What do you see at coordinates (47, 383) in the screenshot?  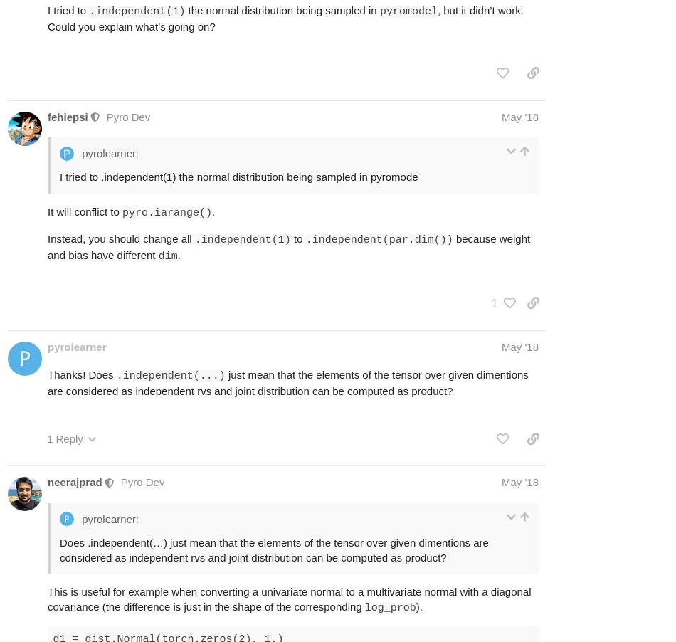 I see `'just mean that the elements of the tensor over given dimentions are considered as independent rvs and joint distribution can be computed as product?'` at bounding box center [47, 383].